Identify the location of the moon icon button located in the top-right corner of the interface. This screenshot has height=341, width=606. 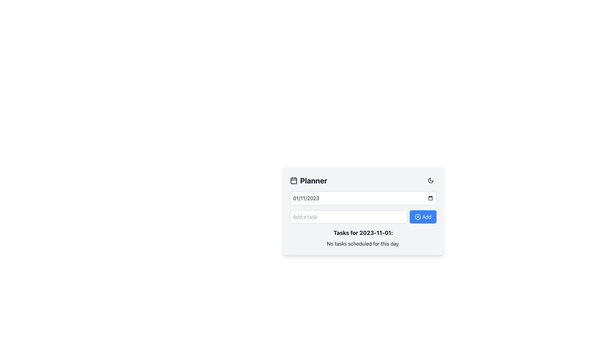
(430, 180).